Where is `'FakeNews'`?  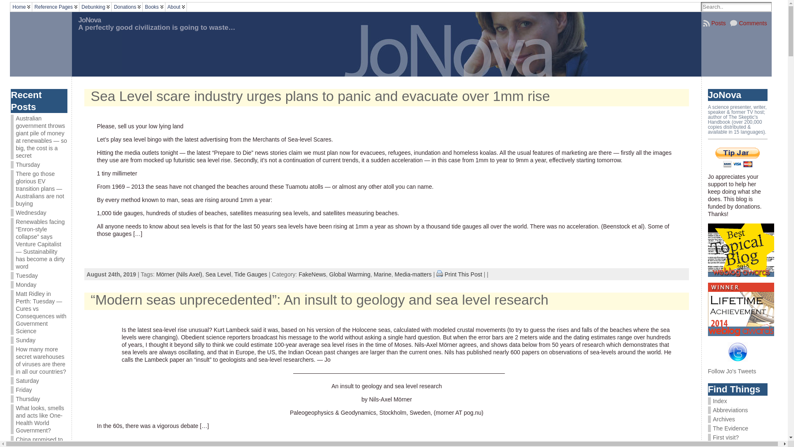 'FakeNews' is located at coordinates (311, 274).